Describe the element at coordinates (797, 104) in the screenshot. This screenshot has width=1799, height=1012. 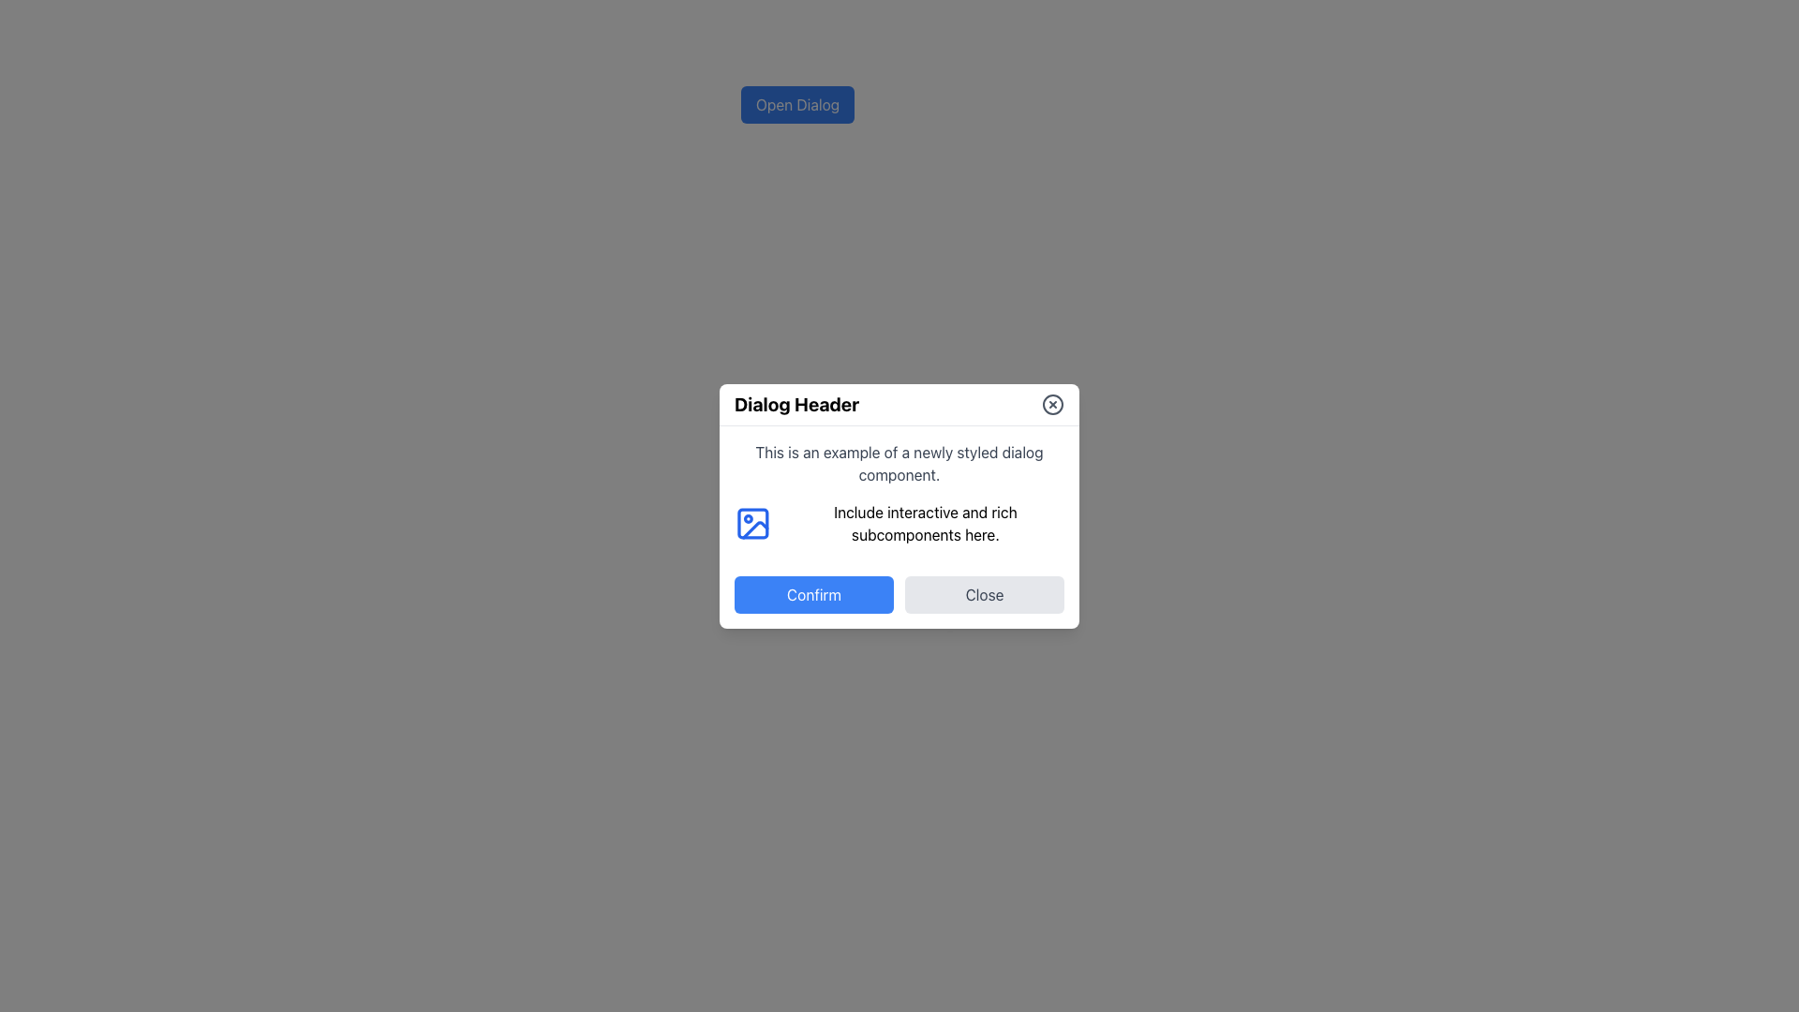
I see `the top-center button that opens the dialog box` at that location.